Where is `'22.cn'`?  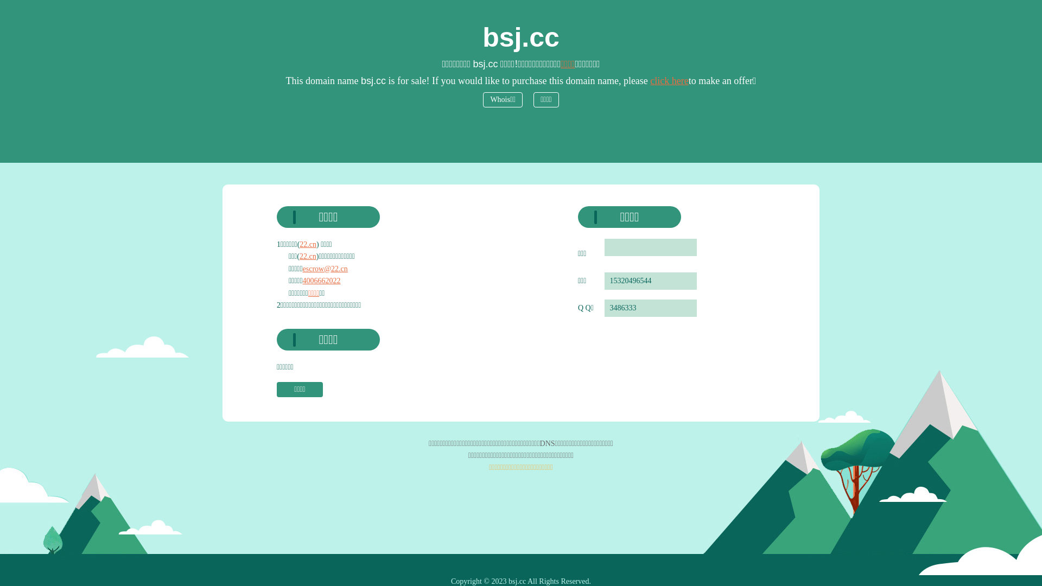 '22.cn' is located at coordinates (307, 256).